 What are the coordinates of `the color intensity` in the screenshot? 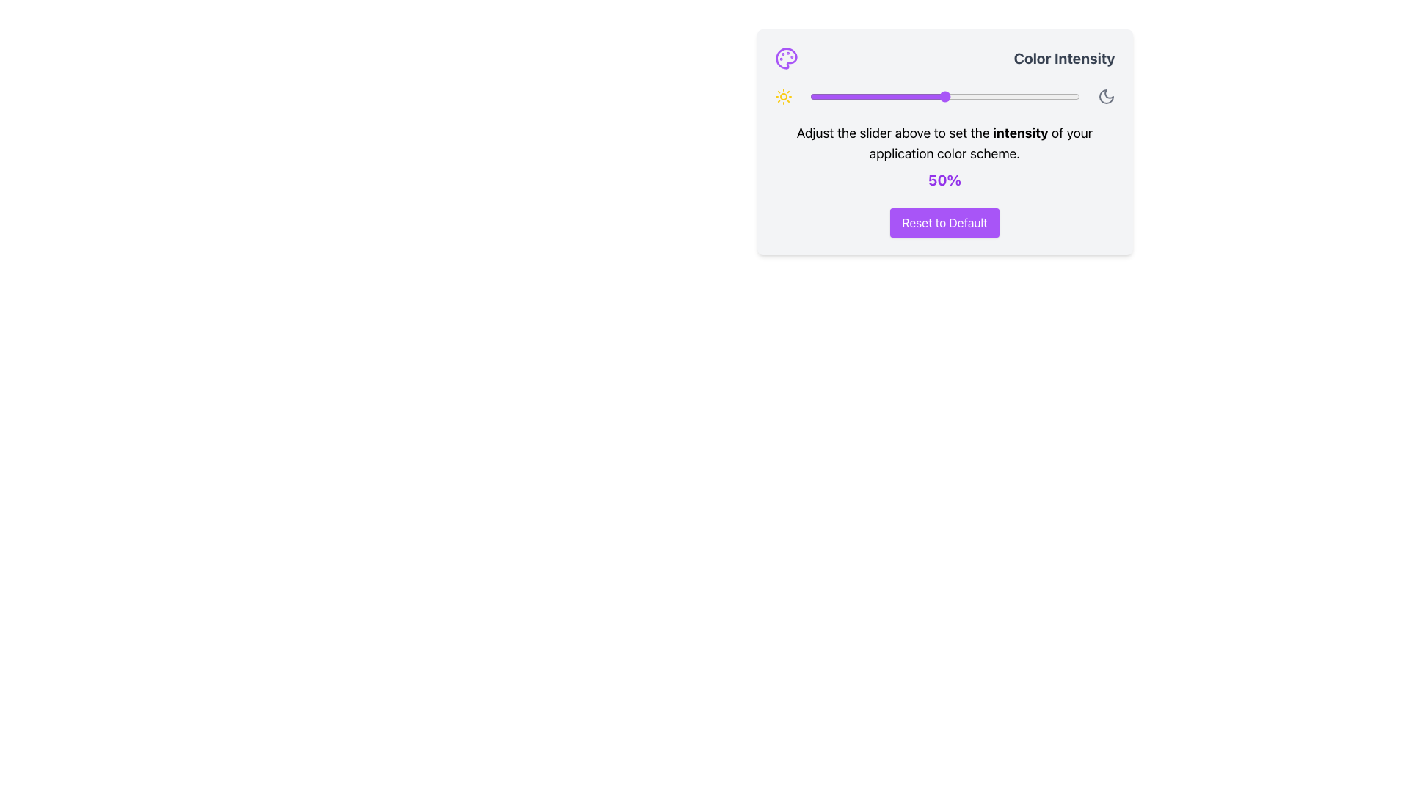 It's located at (1060, 96).